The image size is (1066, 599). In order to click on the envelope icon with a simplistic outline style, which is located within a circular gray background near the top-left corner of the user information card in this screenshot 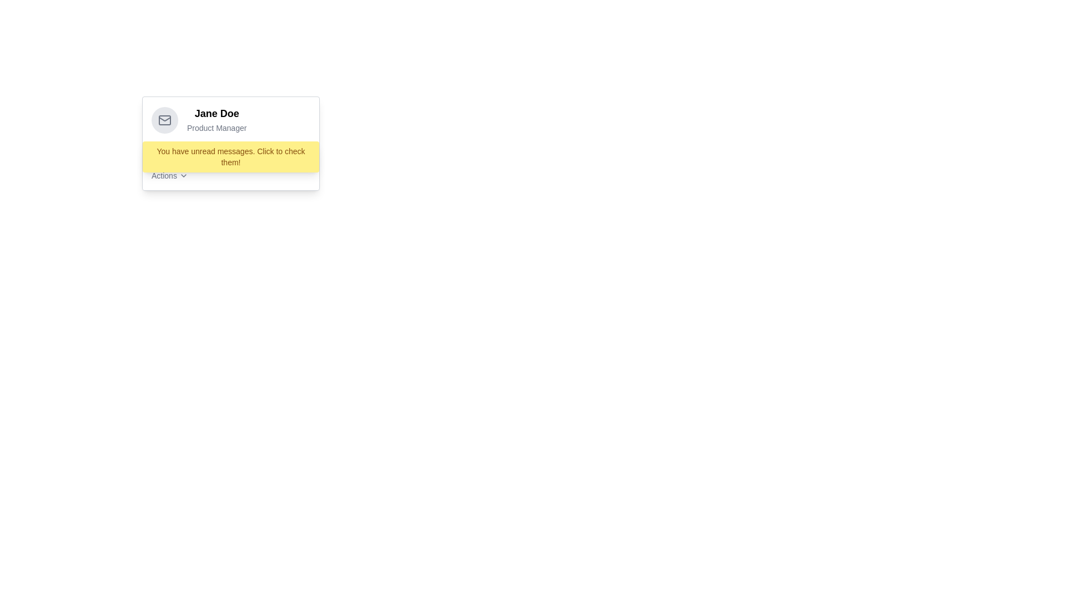, I will do `click(164, 120)`.